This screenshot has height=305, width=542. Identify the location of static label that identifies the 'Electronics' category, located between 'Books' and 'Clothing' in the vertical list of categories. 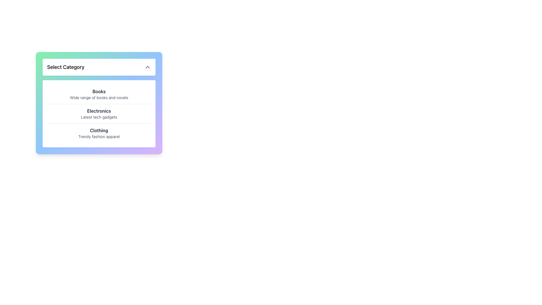
(99, 111).